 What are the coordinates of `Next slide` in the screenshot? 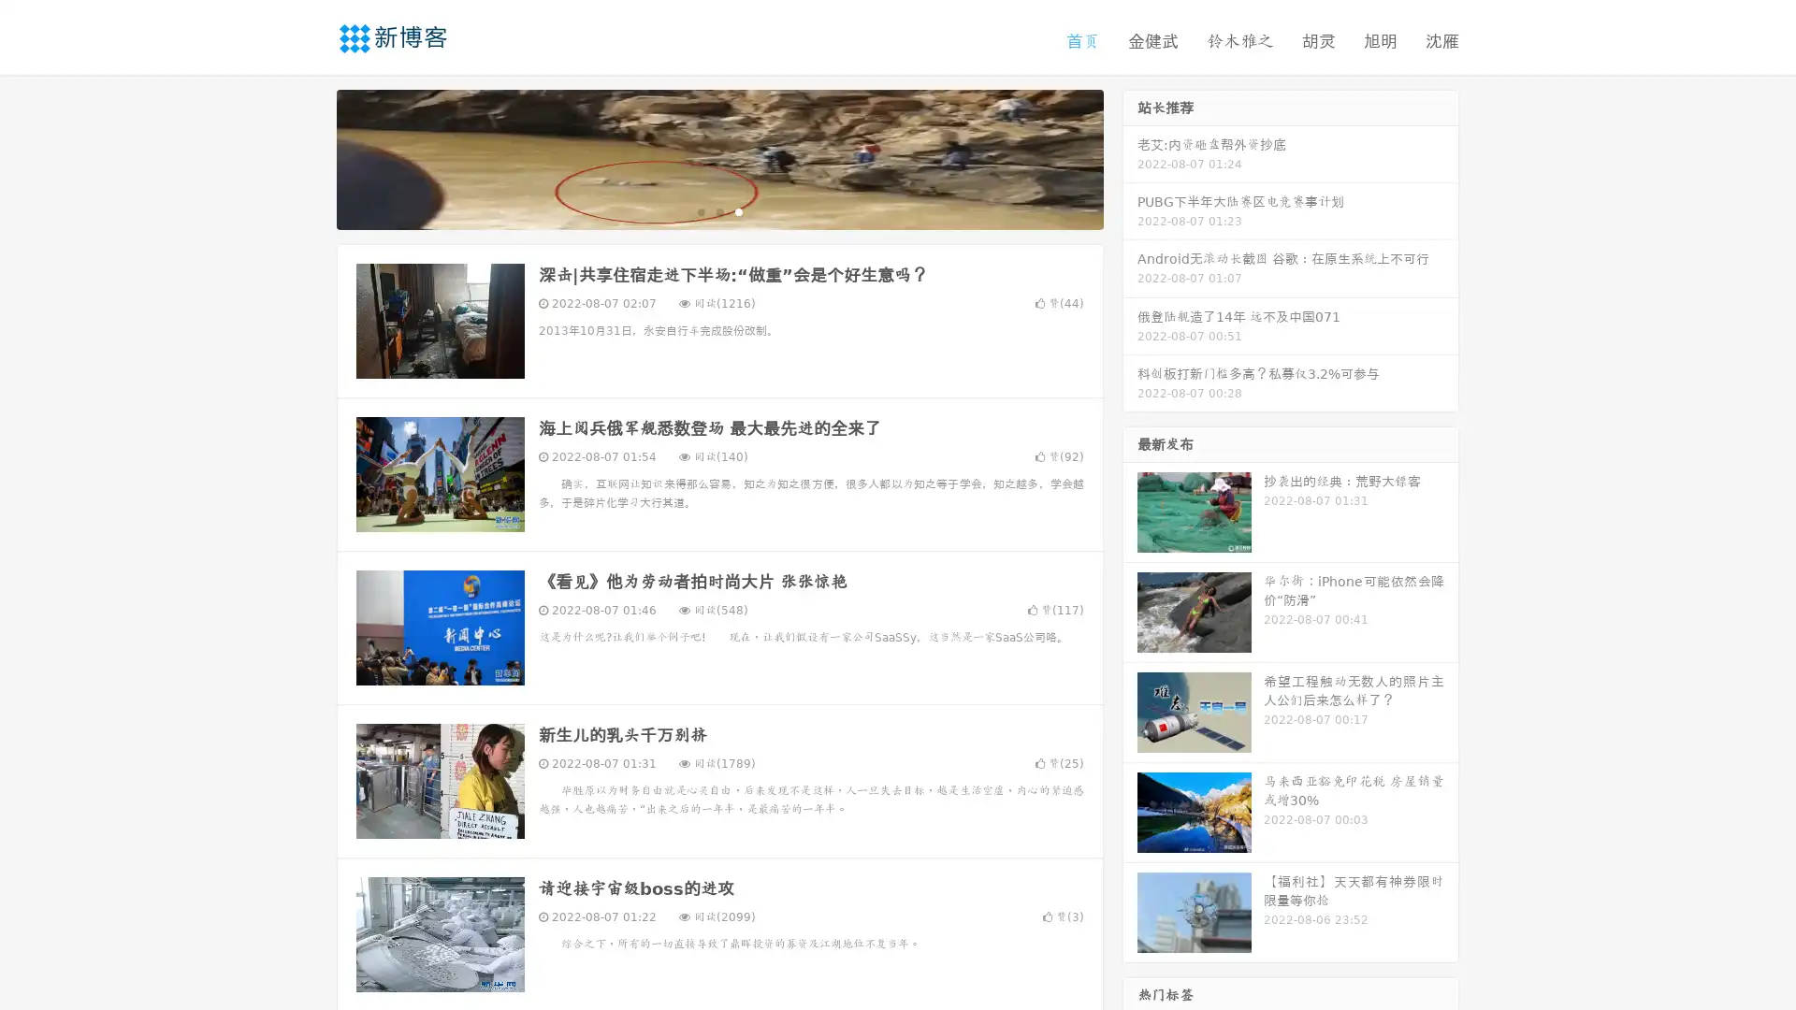 It's located at (1130, 157).